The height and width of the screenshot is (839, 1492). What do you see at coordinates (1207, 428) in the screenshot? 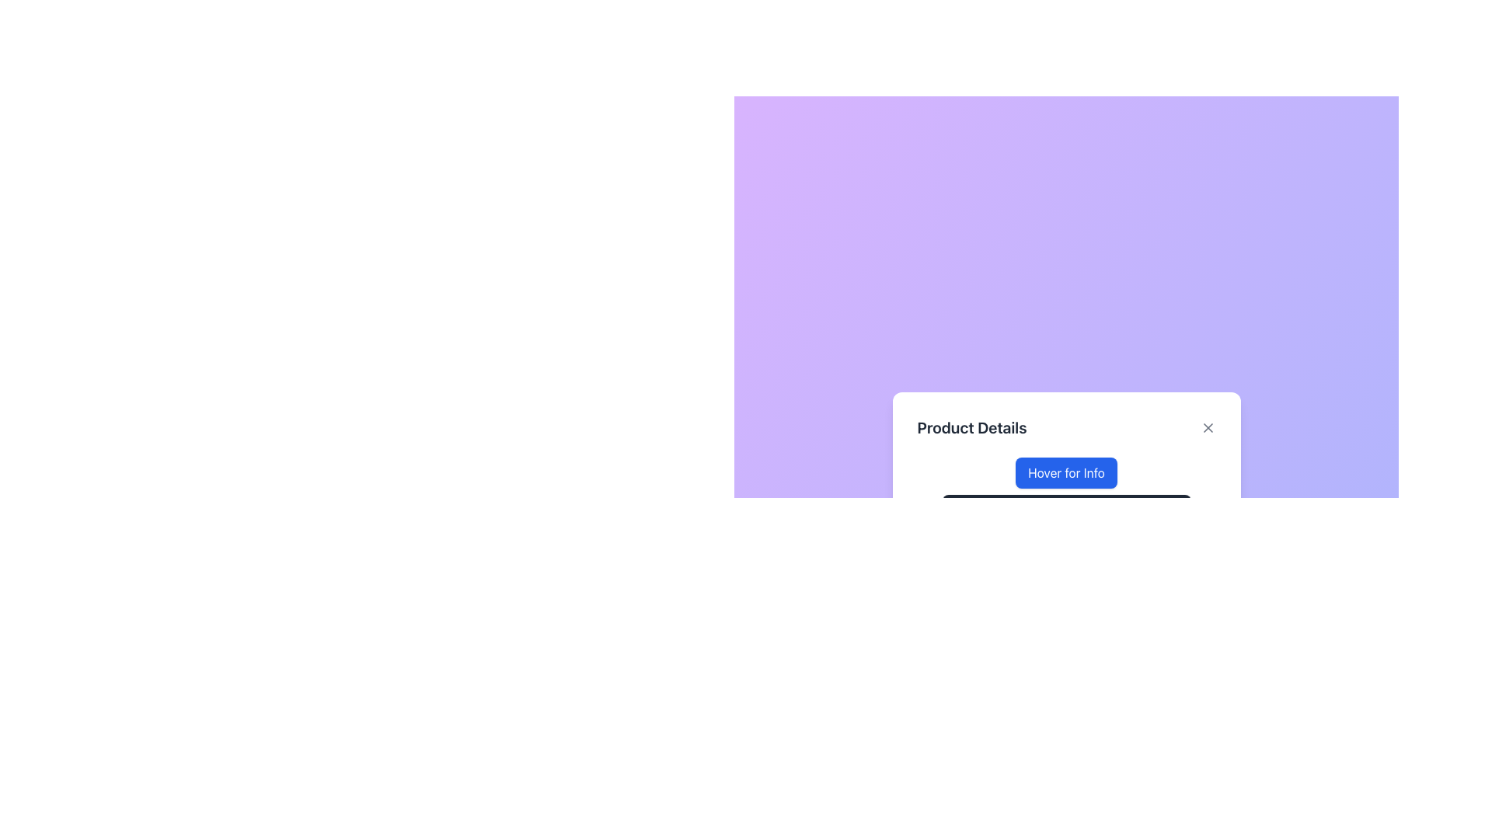
I see `the Close Icon (an 'X' shape) located in the top-right corner of the 'Product Details' card` at bounding box center [1207, 428].